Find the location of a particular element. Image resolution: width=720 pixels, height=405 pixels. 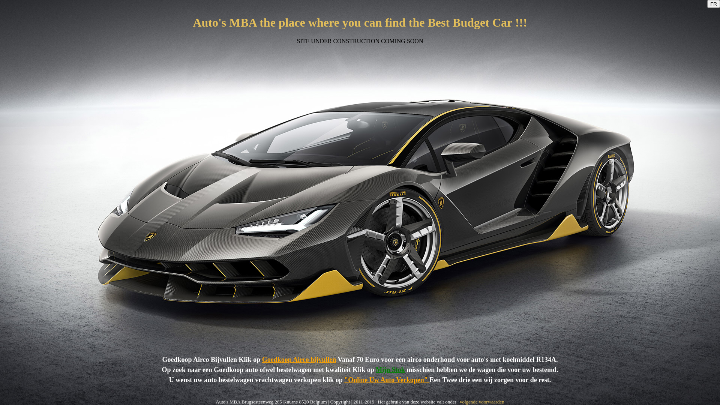

'Goedkoop Airco bijvullen' is located at coordinates (262, 359).